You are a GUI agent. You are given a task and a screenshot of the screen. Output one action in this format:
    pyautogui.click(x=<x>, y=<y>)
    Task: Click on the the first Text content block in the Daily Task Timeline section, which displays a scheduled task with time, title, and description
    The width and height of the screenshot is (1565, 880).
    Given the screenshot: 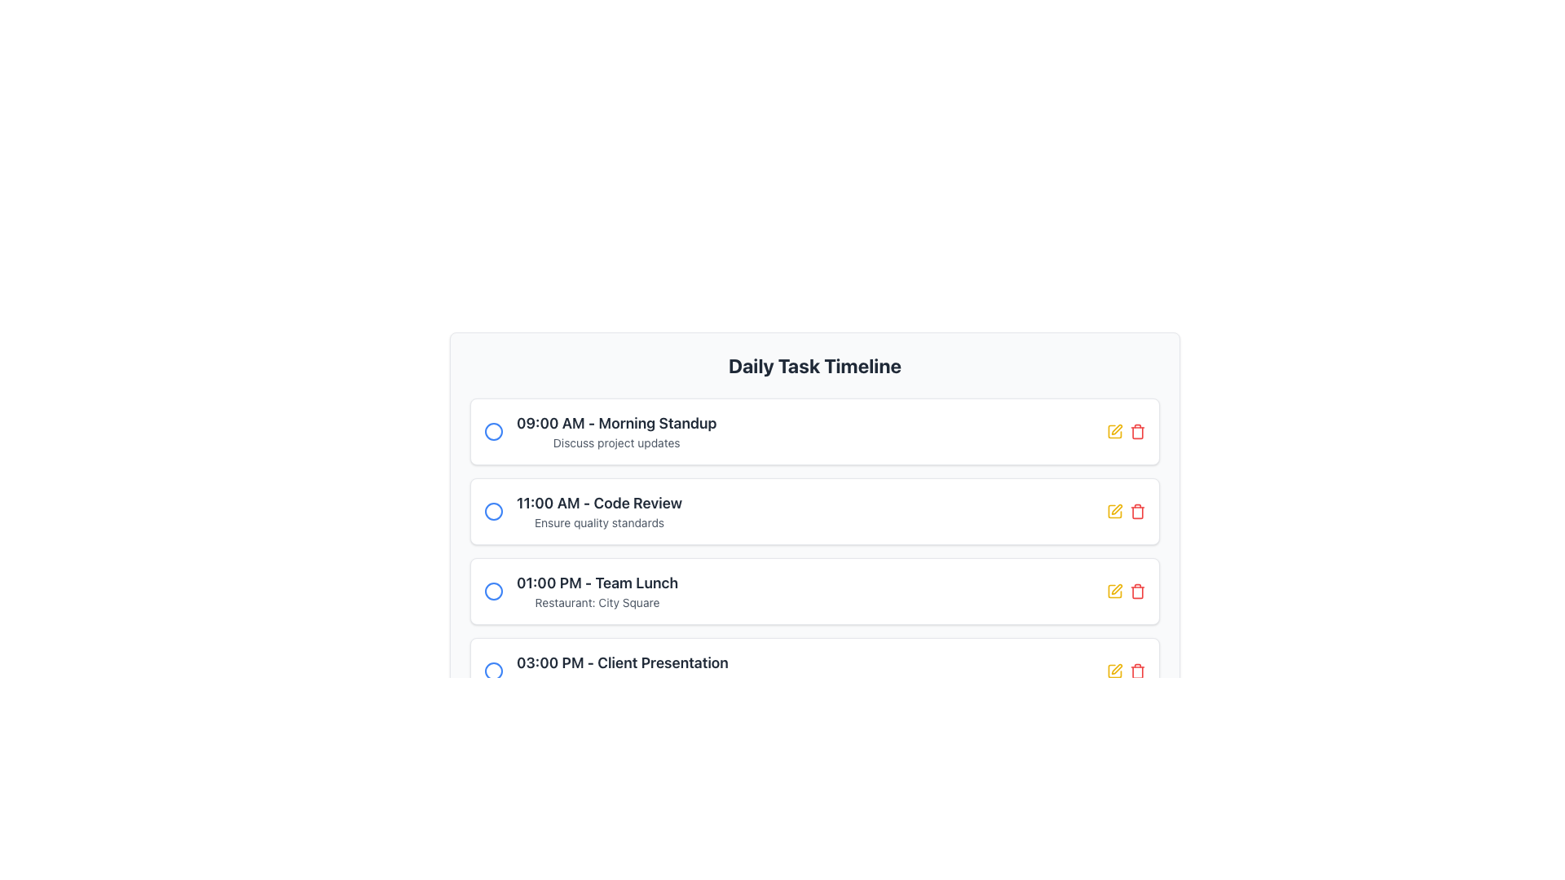 What is the action you would take?
    pyautogui.click(x=615, y=430)
    